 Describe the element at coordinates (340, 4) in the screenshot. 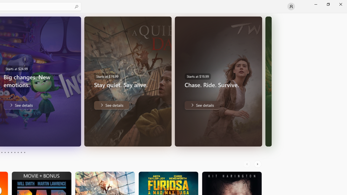

I see `'Close Microsoft Store'` at that location.